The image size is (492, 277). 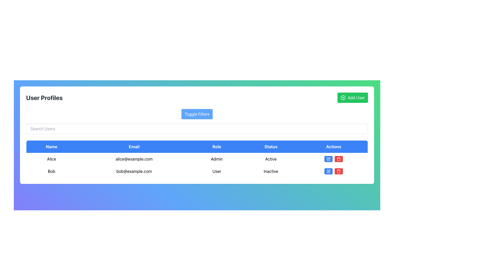 What do you see at coordinates (271, 159) in the screenshot?
I see `the 'Active' text label under the 'Status' column in the user profiles table for the user named 'Alice'` at bounding box center [271, 159].